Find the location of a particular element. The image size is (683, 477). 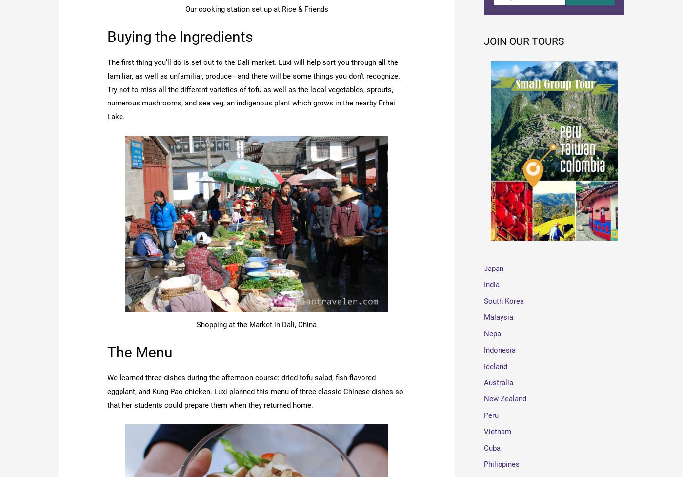

'JOIN OUR TOURS' is located at coordinates (523, 42).